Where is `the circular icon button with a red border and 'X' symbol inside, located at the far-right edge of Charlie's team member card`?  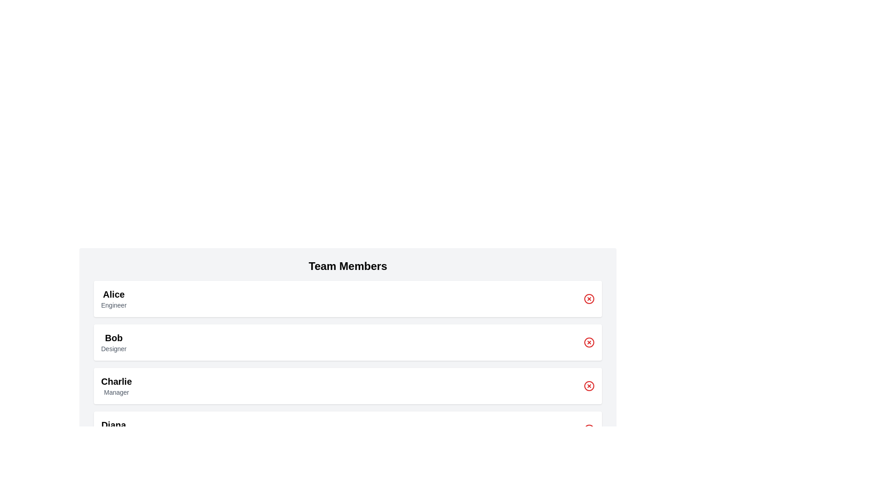 the circular icon button with a red border and 'X' symbol inside, located at the far-right edge of Charlie's team member card is located at coordinates (589, 386).